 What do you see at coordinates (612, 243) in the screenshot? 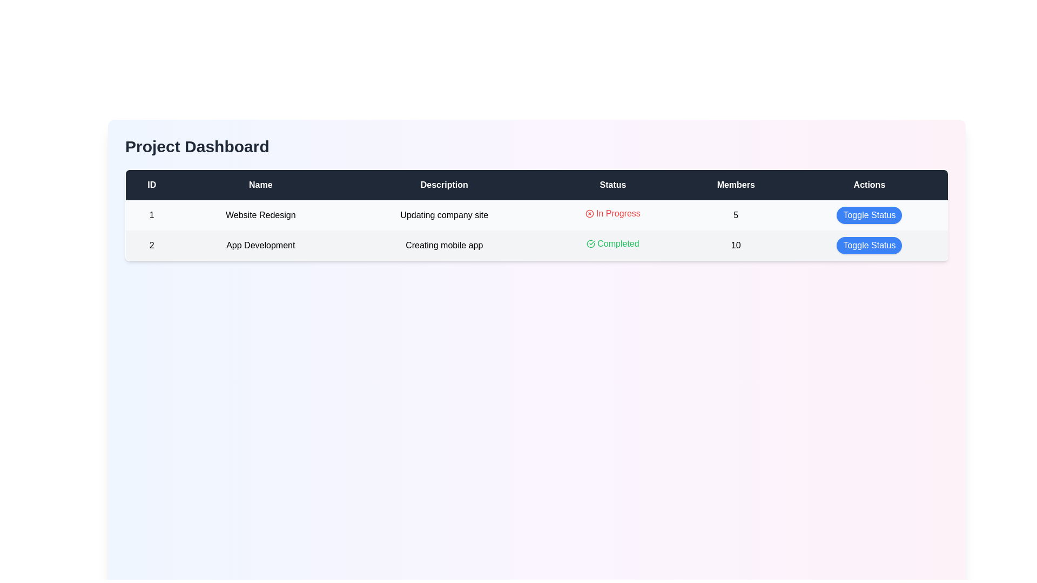
I see `the green circular check icon with the text 'Completed' in the Status column of the second row associated with the task 'Creating mobile app'` at bounding box center [612, 243].